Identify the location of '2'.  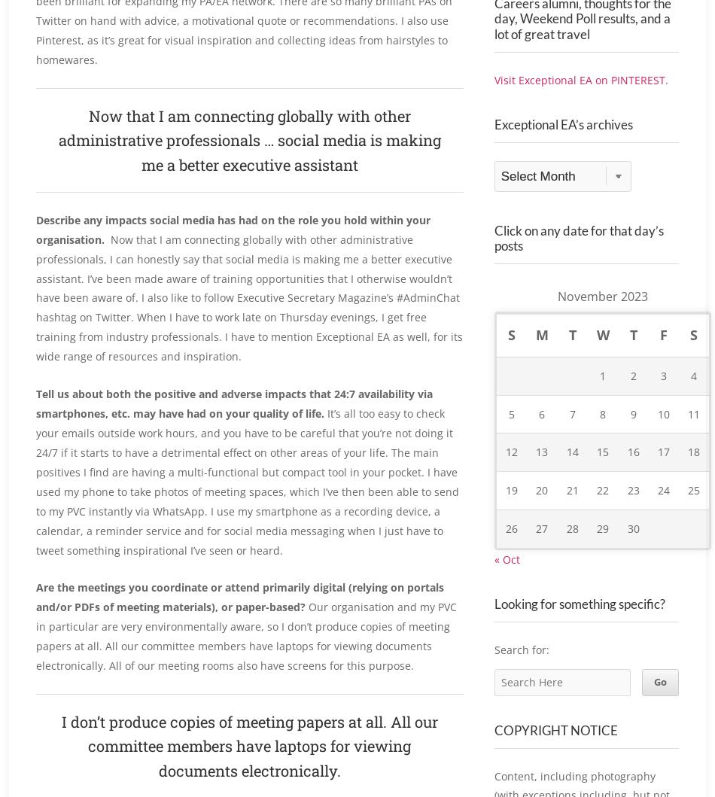
(632, 408).